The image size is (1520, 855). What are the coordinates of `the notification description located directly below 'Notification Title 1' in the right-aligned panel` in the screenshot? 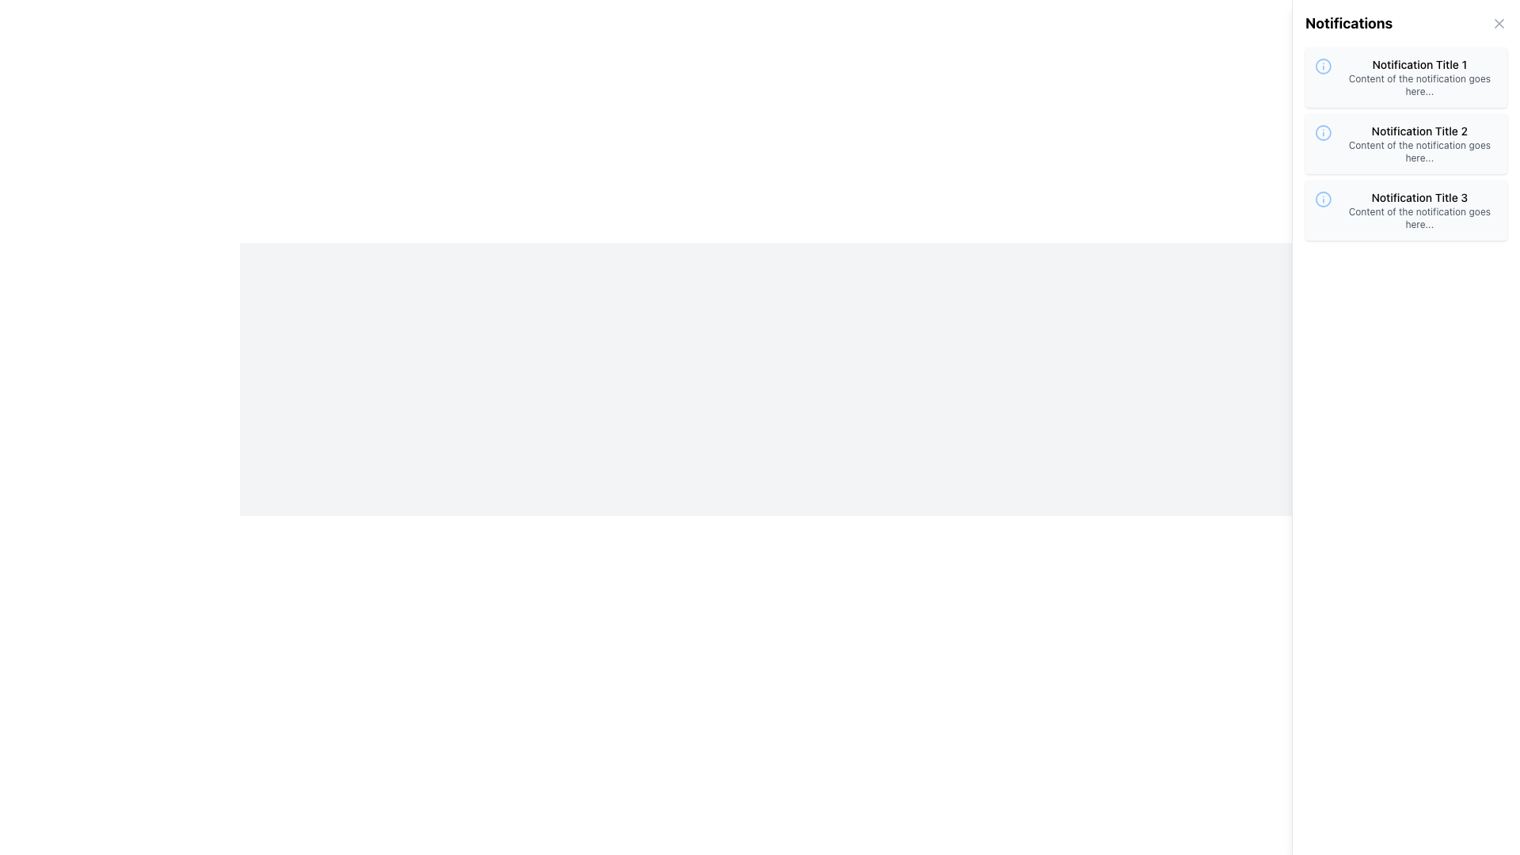 It's located at (1419, 85).